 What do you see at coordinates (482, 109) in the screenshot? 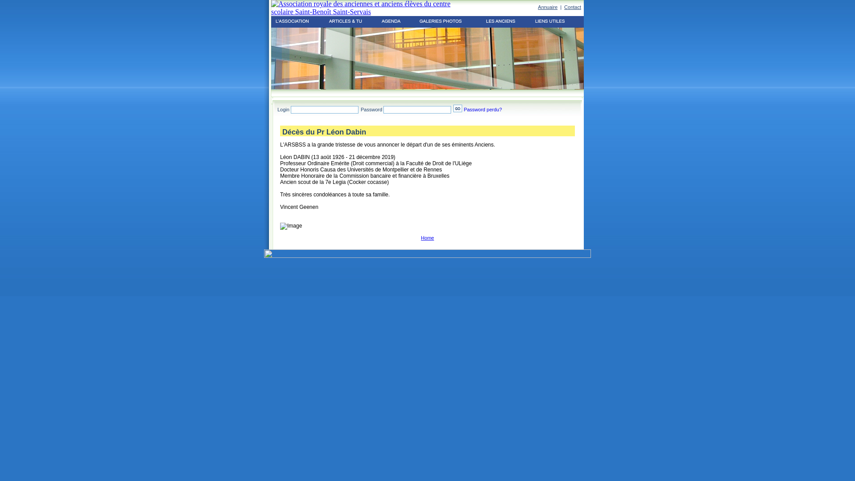
I see `'Password perdu?'` at bounding box center [482, 109].